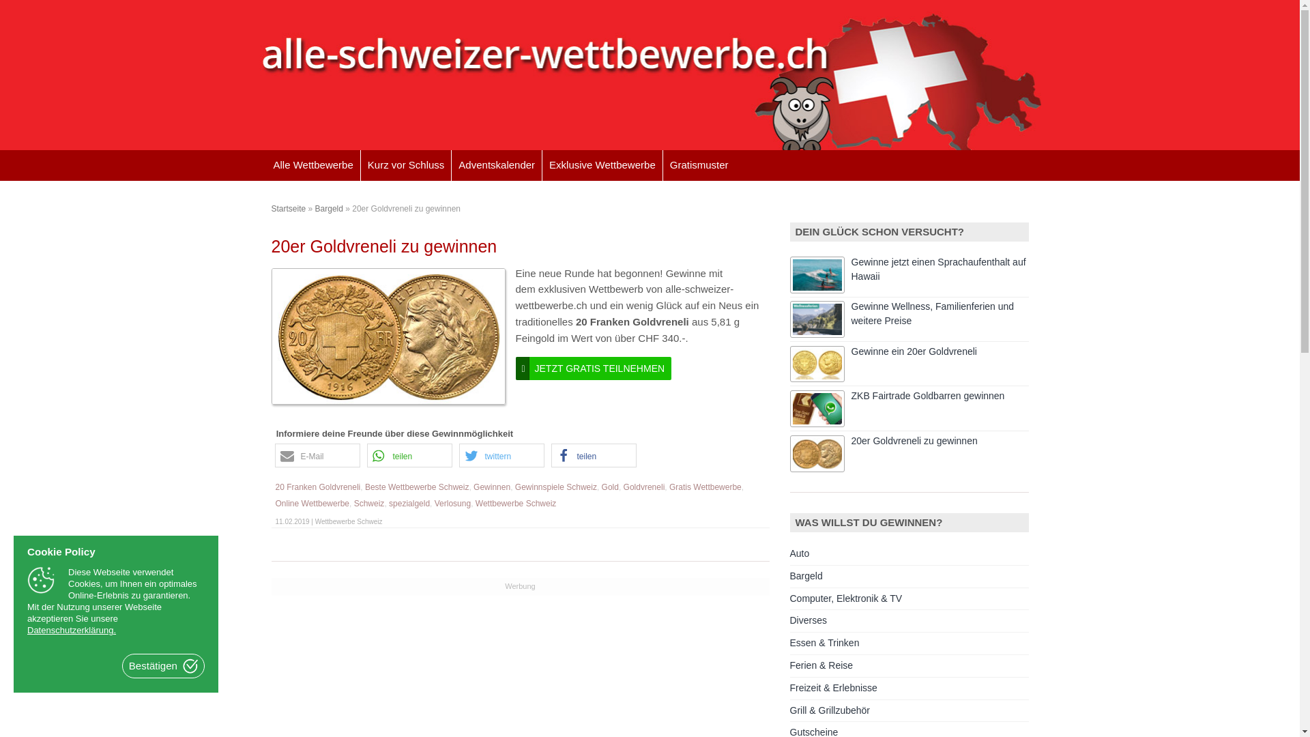 Image resolution: width=1310 pixels, height=737 pixels. What do you see at coordinates (434, 503) in the screenshot?
I see `'Verlosung'` at bounding box center [434, 503].